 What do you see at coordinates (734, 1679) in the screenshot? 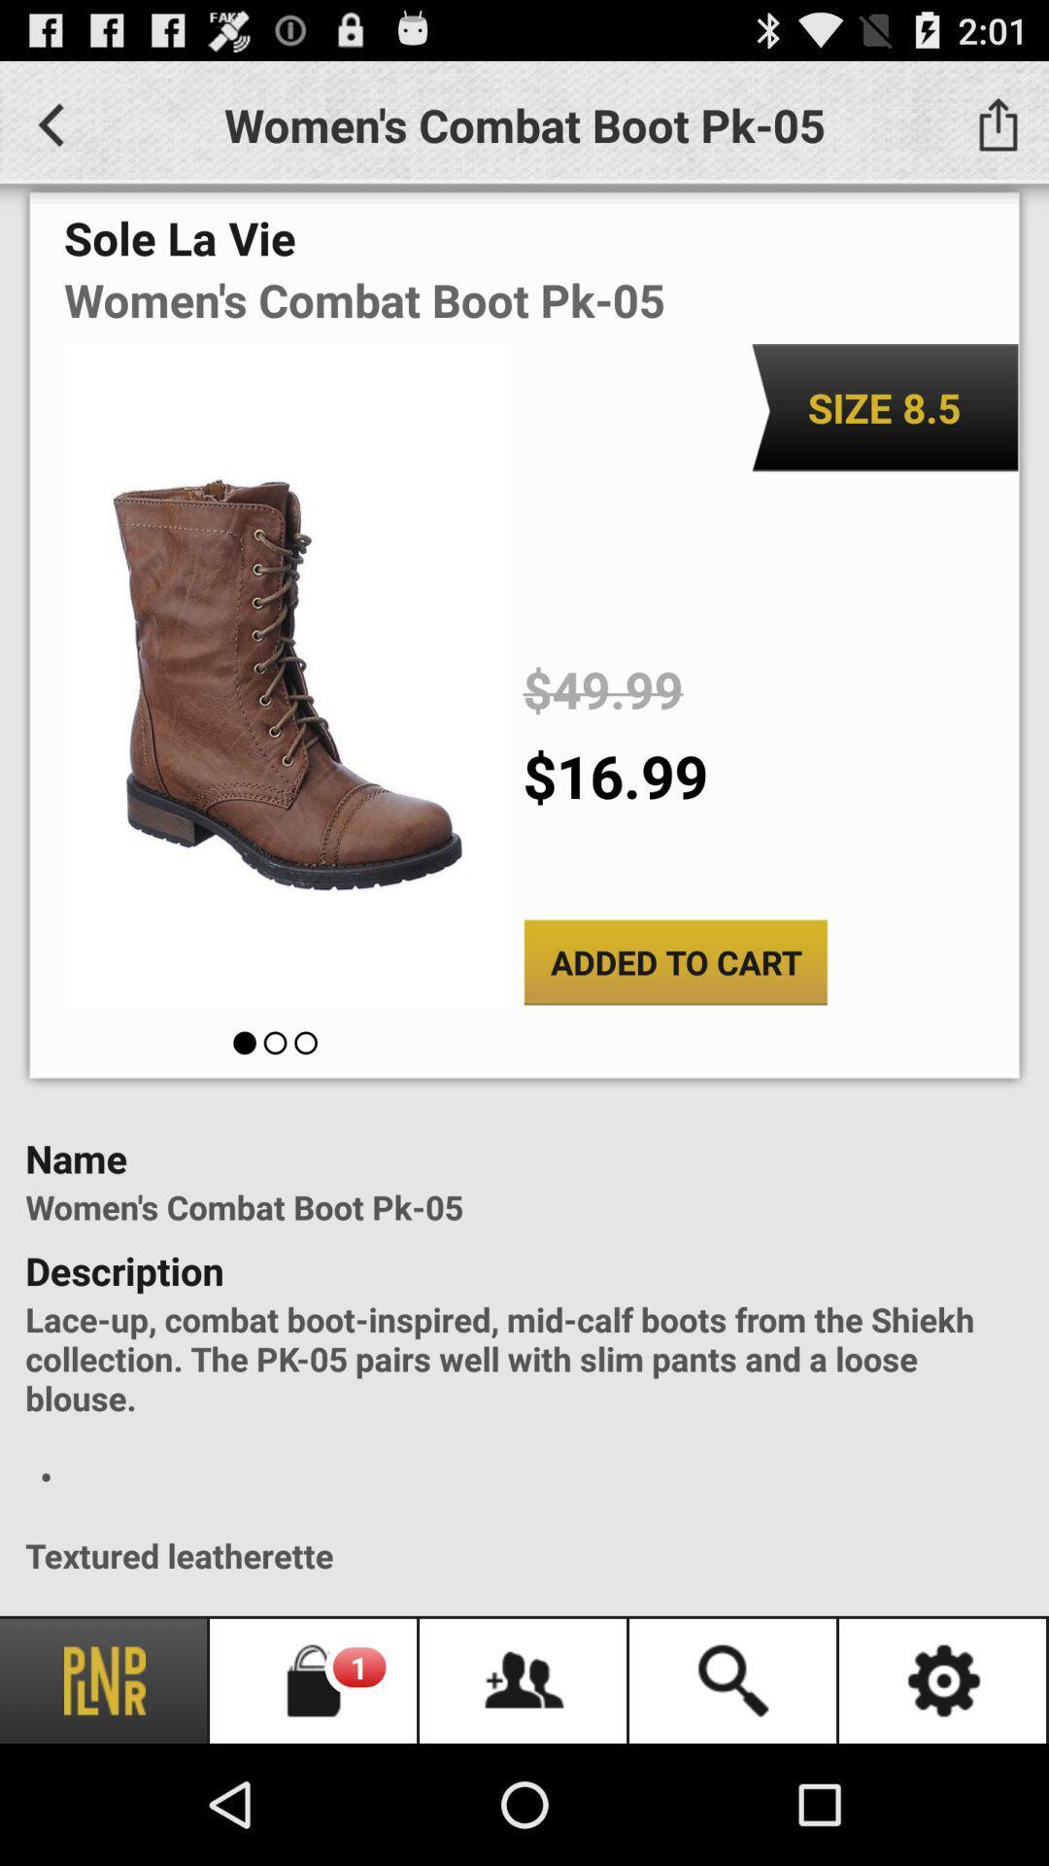
I see `the search icon` at bounding box center [734, 1679].